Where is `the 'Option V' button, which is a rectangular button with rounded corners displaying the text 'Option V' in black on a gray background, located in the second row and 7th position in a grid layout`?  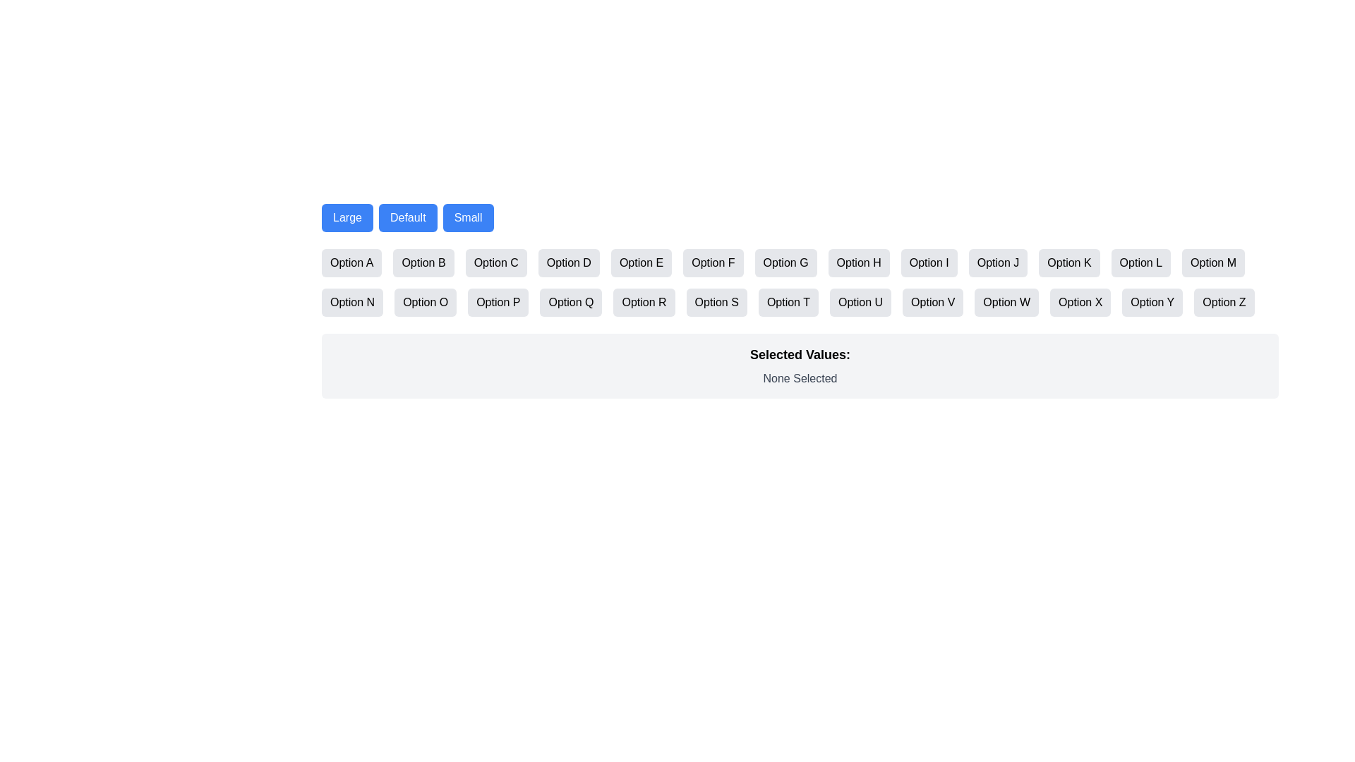
the 'Option V' button, which is a rectangular button with rounded corners displaying the text 'Option V' in black on a gray background, located in the second row and 7th position in a grid layout is located at coordinates (933, 301).